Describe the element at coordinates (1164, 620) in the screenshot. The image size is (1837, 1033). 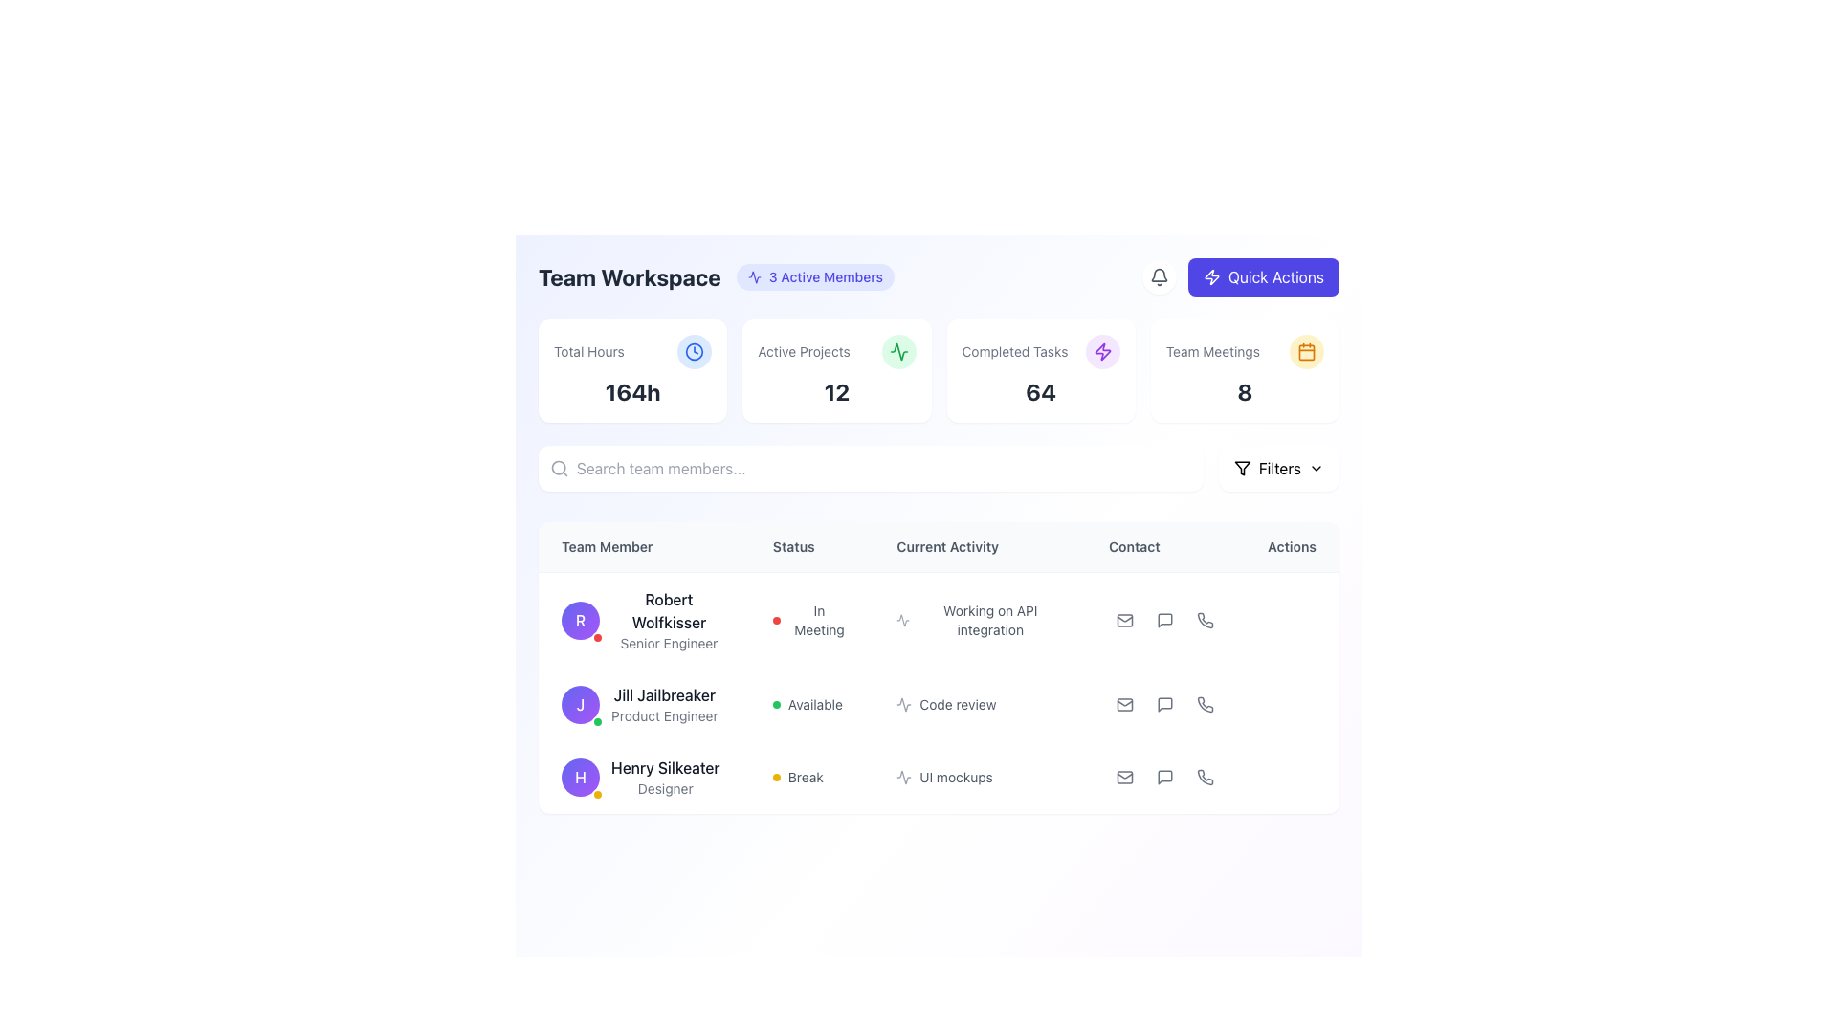
I see `the speech bubble icon with a grey outline, which is the second icon in the row under the 'Contact' column` at that location.